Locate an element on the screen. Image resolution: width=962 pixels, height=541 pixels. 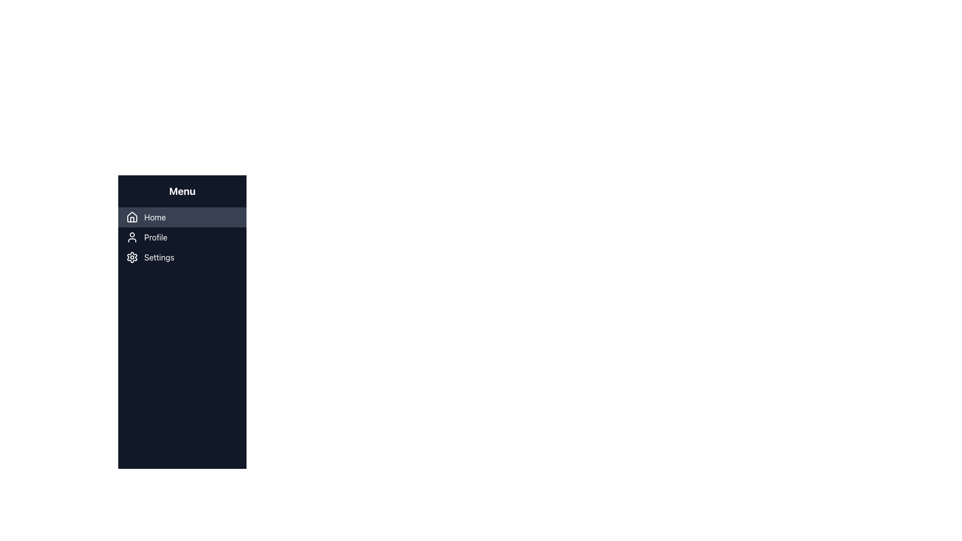
the settings icon located within the 'Settings' menu item, positioned to the left of the 'Settings' text label is located at coordinates (132, 256).